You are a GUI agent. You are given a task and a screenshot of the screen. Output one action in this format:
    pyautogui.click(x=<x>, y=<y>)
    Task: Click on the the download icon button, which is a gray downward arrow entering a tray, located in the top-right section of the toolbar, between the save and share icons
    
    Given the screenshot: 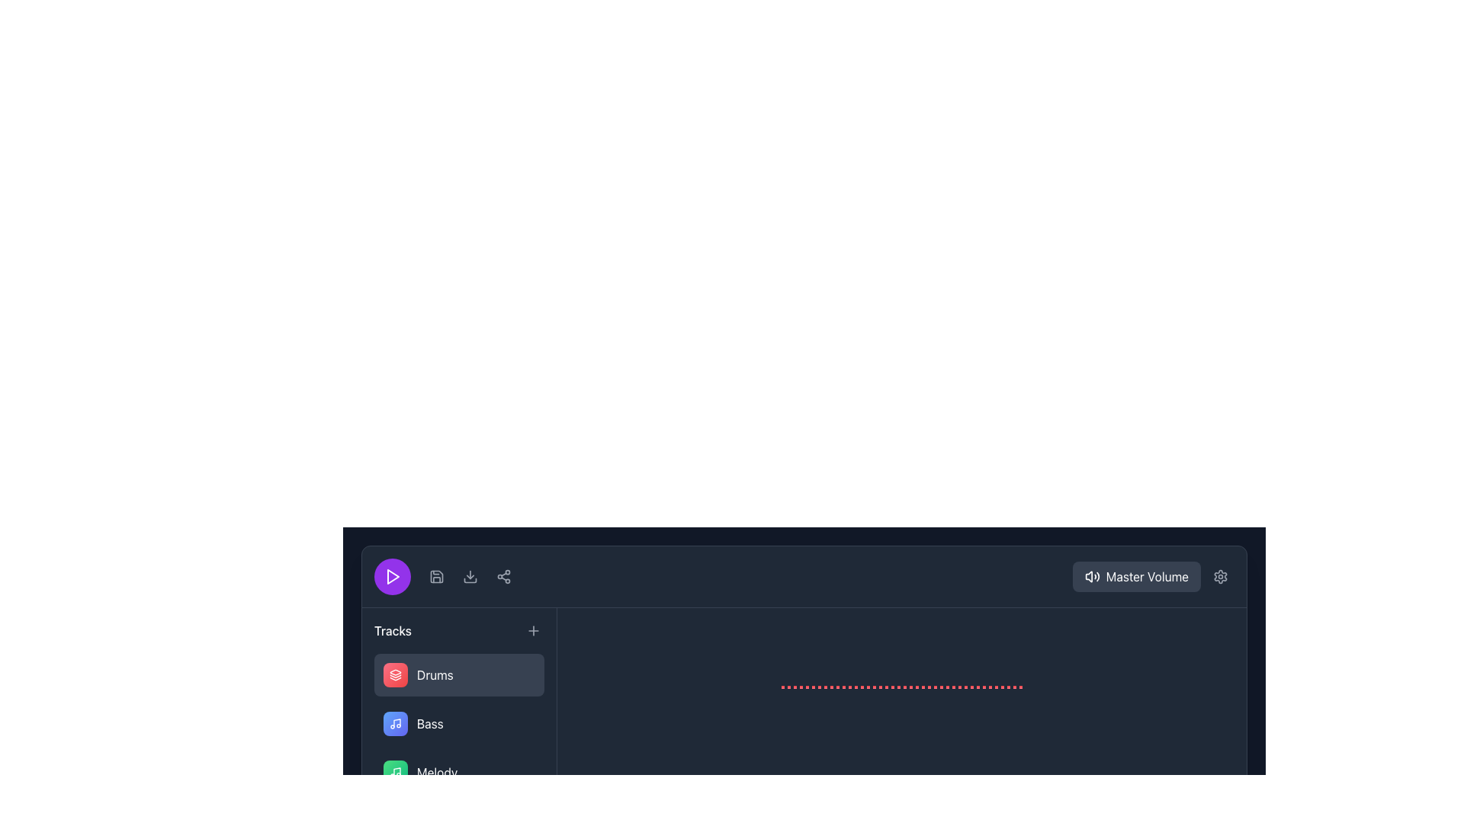 What is the action you would take?
    pyautogui.click(x=470, y=576)
    